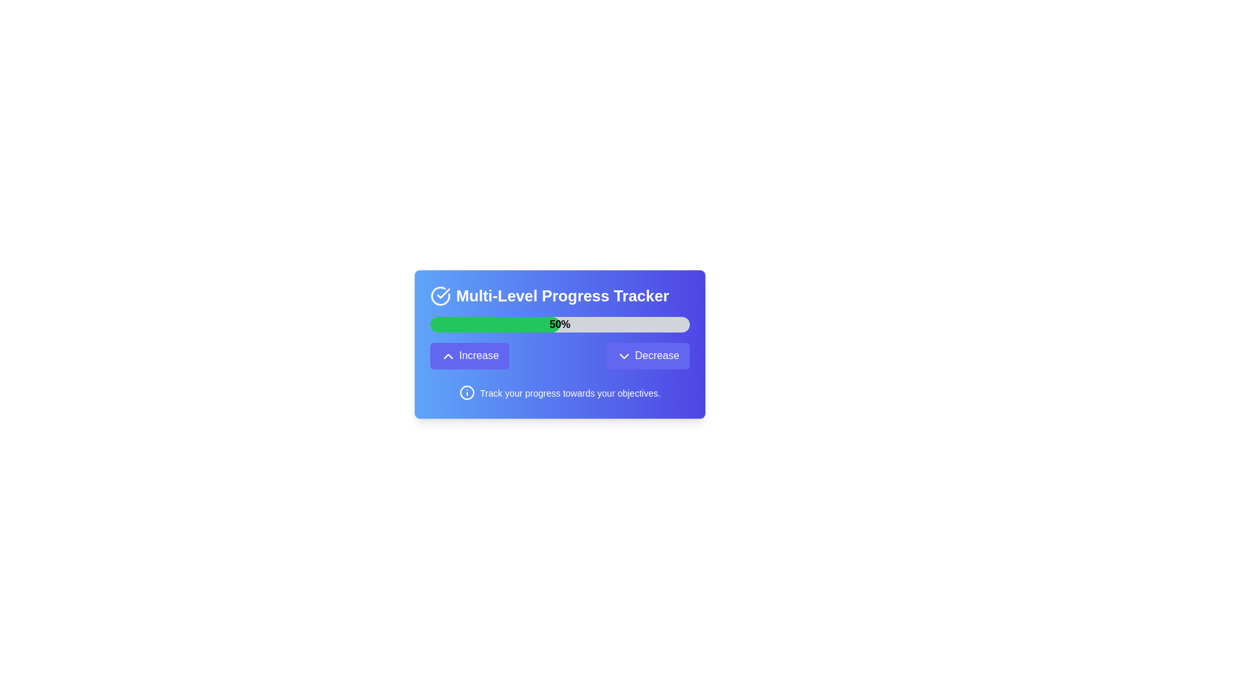  Describe the element at coordinates (560, 296) in the screenshot. I see `the Text Heading with Icon at the top of the gradient card` at that location.